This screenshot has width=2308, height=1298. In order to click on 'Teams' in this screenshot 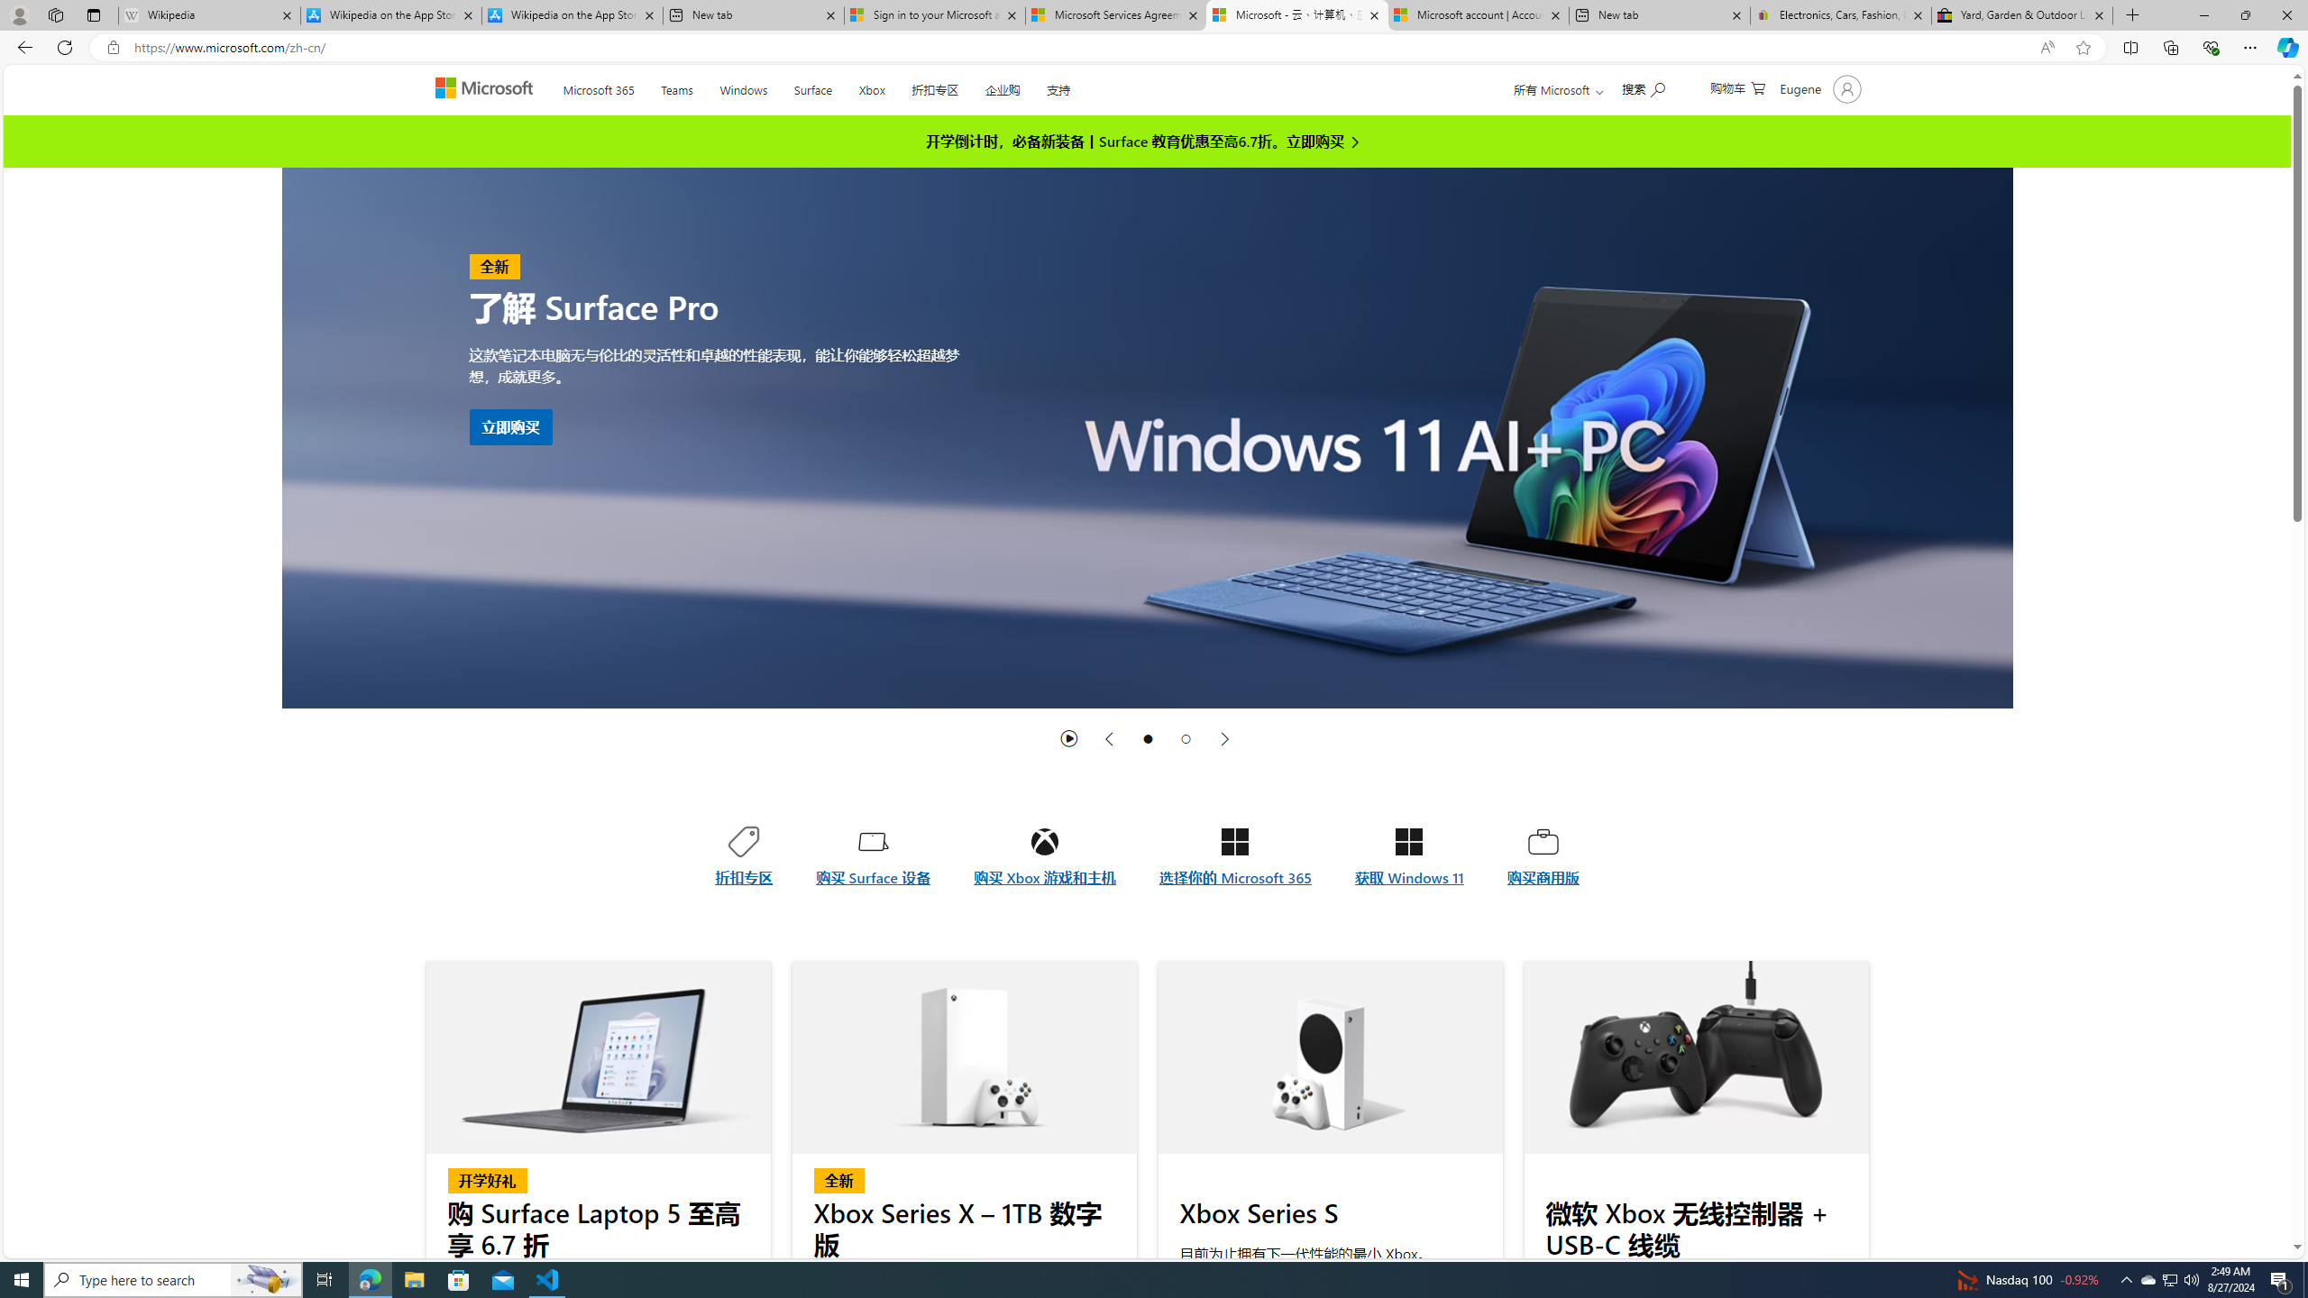, I will do `click(676, 86)`.